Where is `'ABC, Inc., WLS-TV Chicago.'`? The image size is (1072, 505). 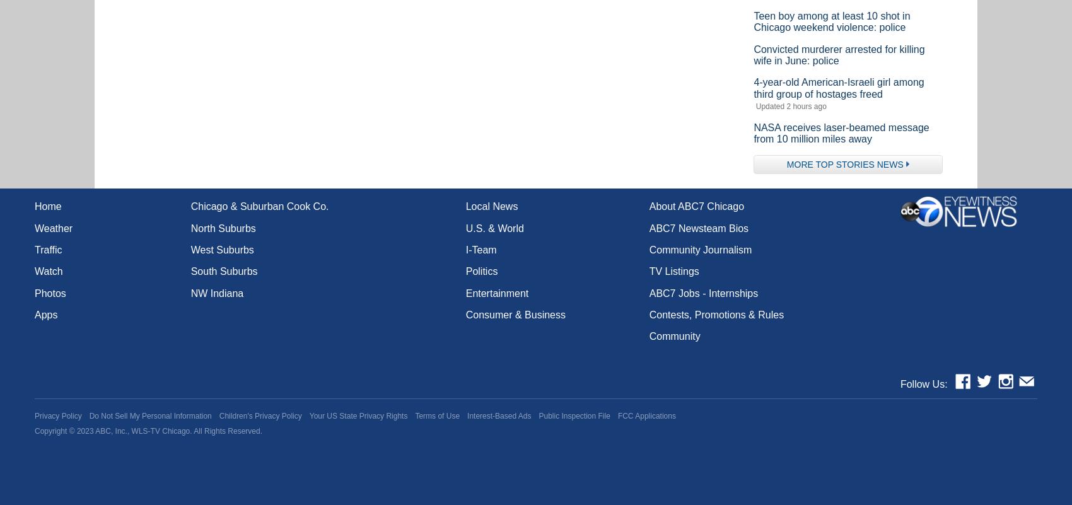
'ABC, Inc., WLS-TV Chicago.' is located at coordinates (143, 431).